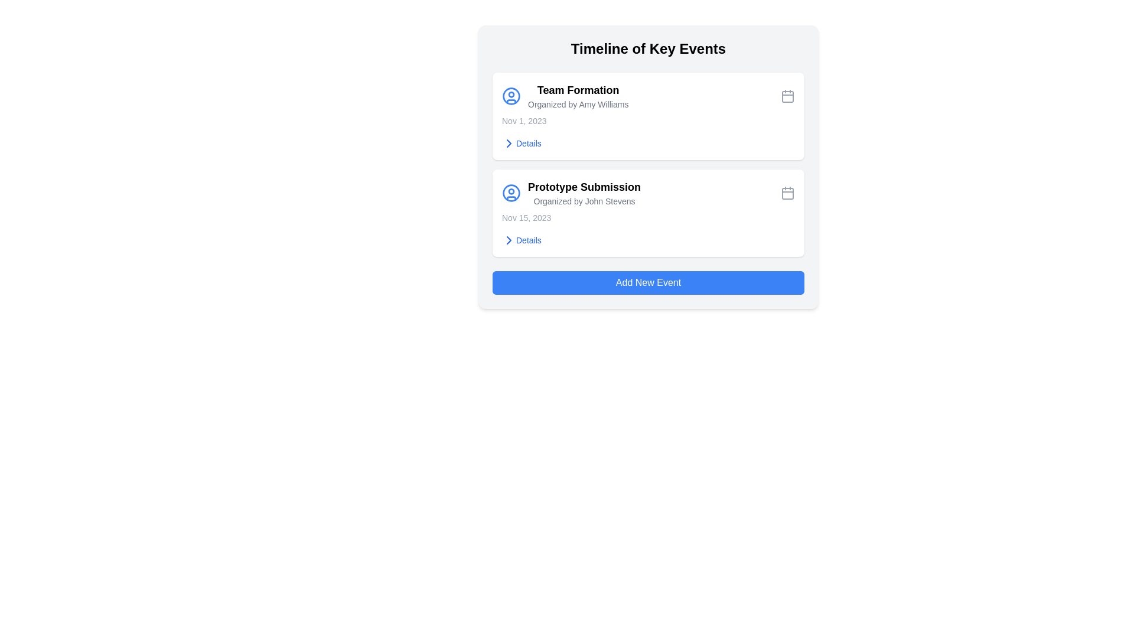 Image resolution: width=1134 pixels, height=638 pixels. Describe the element at coordinates (788, 193) in the screenshot. I see `the date-related icon located on the far right of the 'Prototype Submission' item in the 'Timeline of Key Events' section, adjacent to 'Organized by John Stevens.'` at that location.